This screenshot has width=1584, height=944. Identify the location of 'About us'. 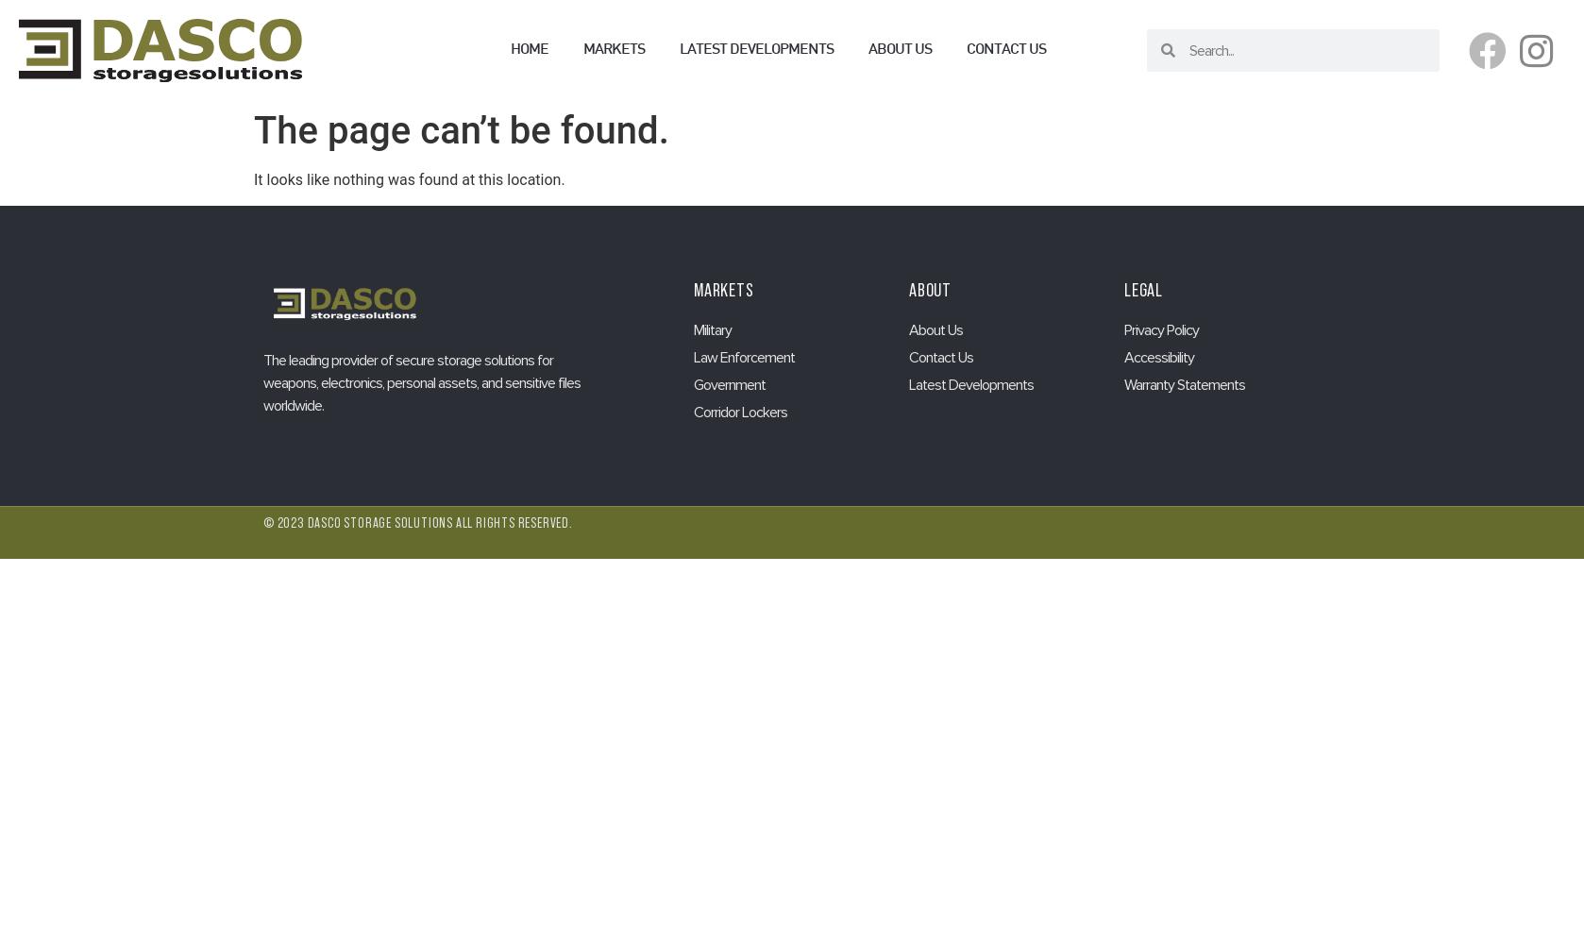
(868, 49).